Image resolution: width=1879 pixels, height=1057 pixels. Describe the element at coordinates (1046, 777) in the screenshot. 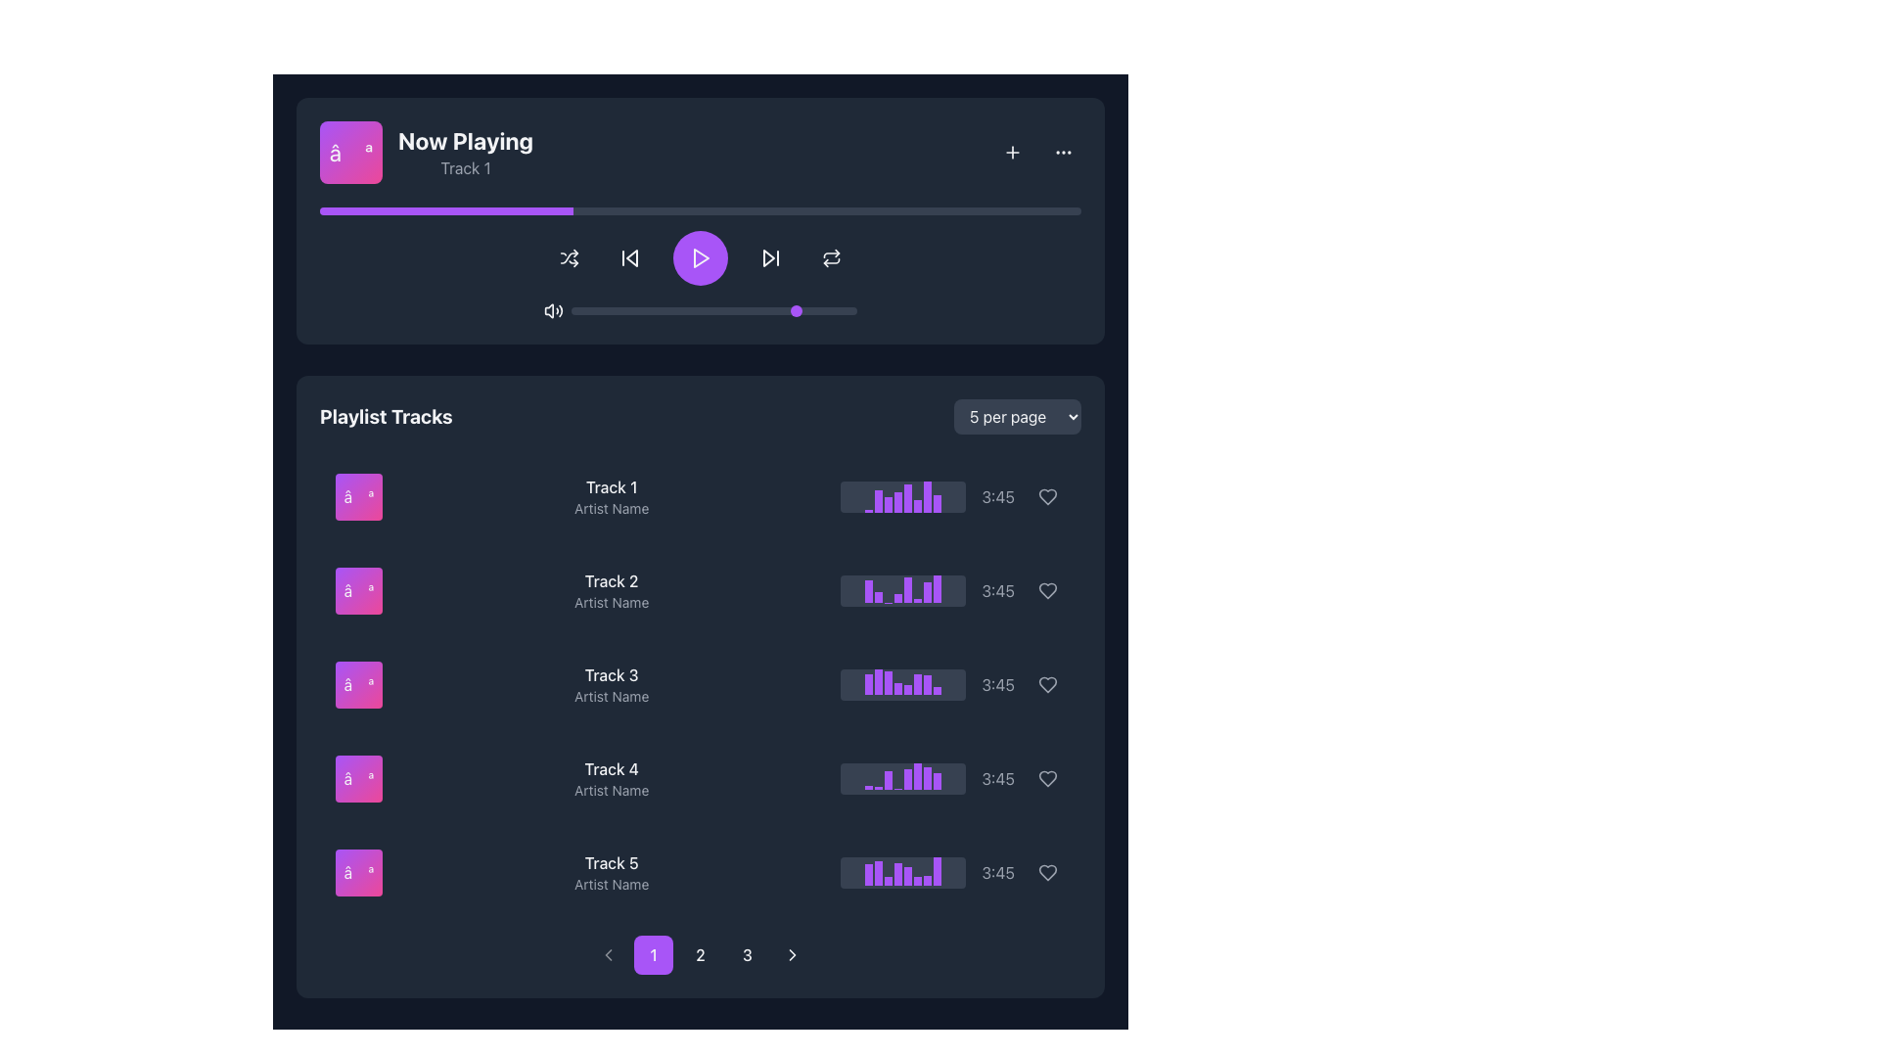

I see `the heart-shaped outline icon in the 'Playlist Tracks' section` at that location.